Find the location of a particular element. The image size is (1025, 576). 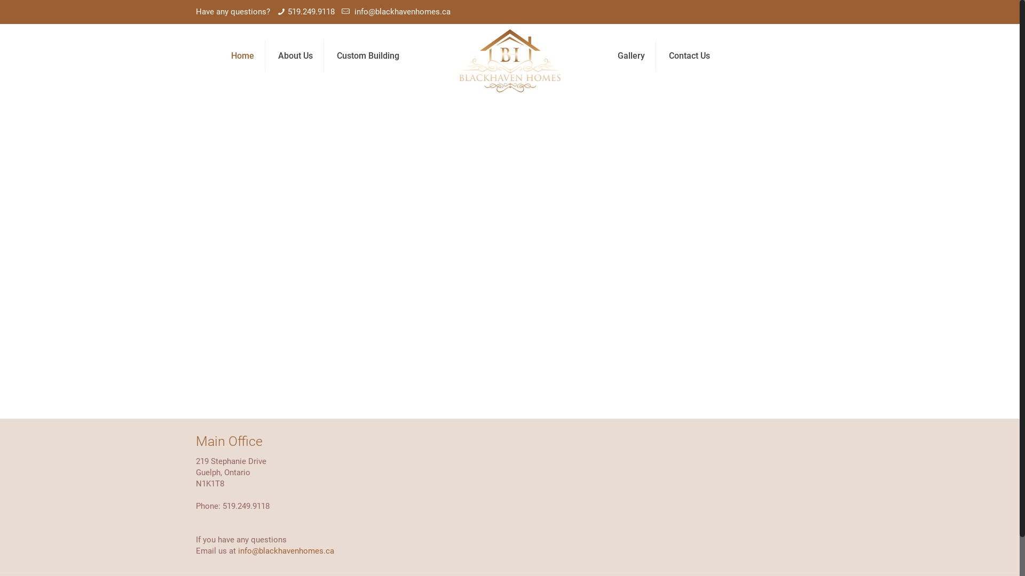

'Gallery' is located at coordinates (631, 55).